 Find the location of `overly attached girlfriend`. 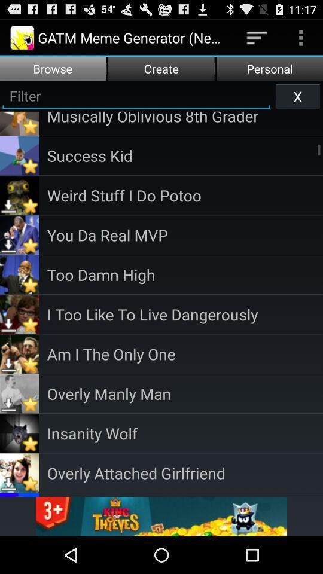

overly attached girlfriend is located at coordinates (185, 473).